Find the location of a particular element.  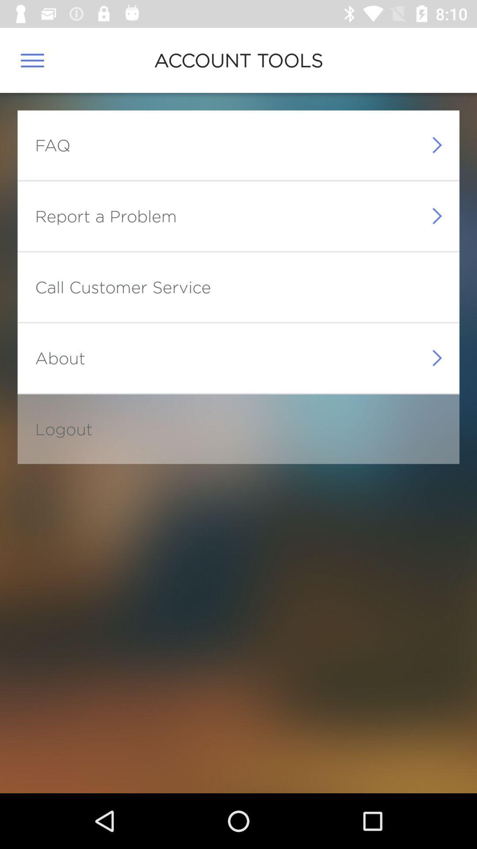

report a problem item is located at coordinates (105, 216).